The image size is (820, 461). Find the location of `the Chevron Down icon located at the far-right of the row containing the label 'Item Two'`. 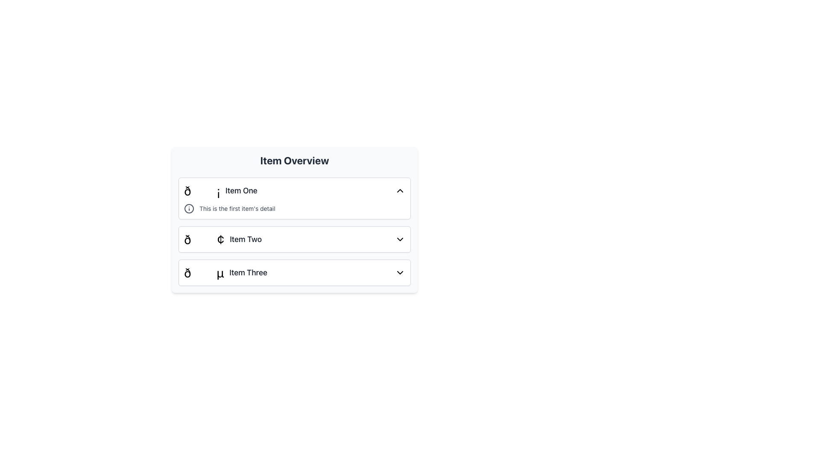

the Chevron Down icon located at the far-right of the row containing the label 'Item Two' is located at coordinates (399, 239).